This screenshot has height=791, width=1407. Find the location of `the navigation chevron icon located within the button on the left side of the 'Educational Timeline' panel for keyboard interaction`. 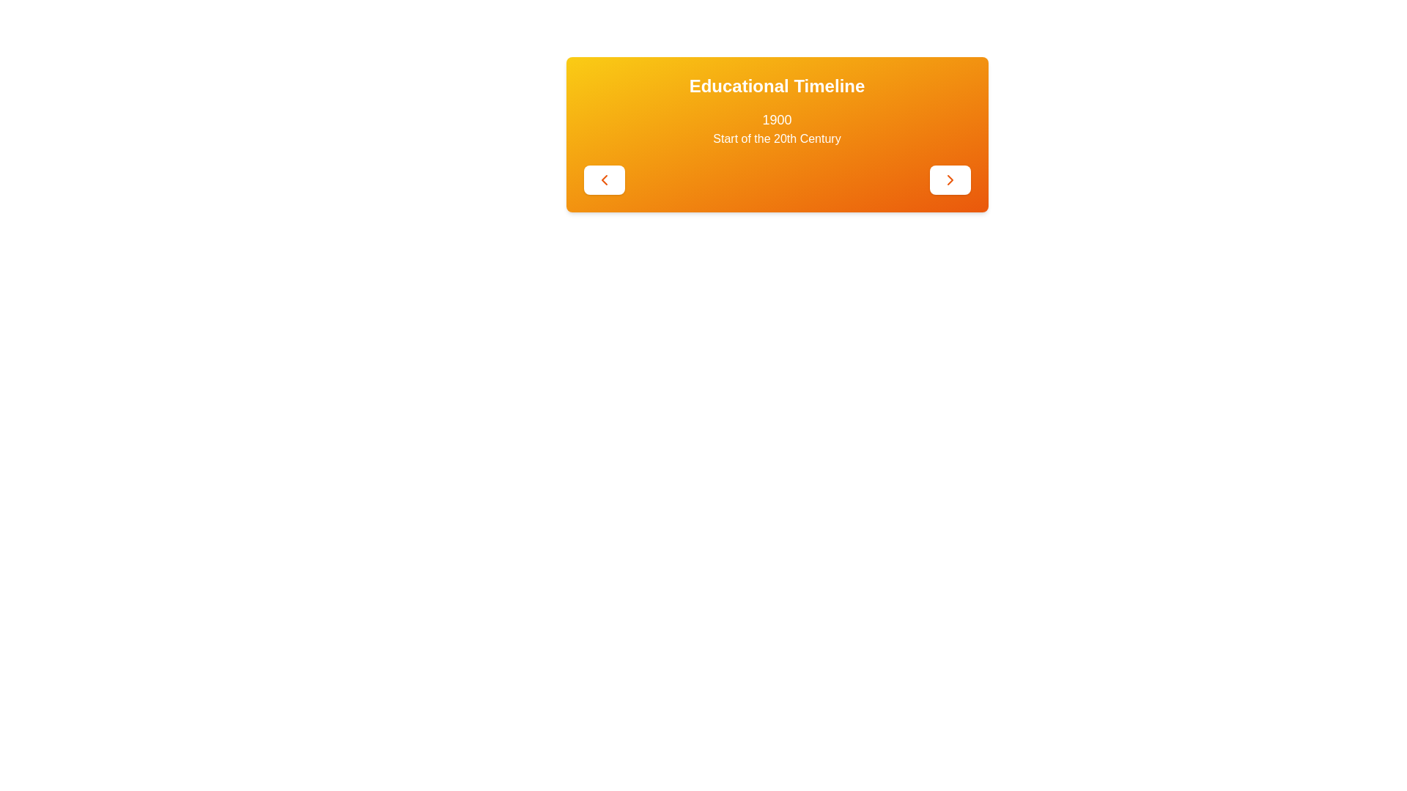

the navigation chevron icon located within the button on the left side of the 'Educational Timeline' panel for keyboard interaction is located at coordinates (604, 179).